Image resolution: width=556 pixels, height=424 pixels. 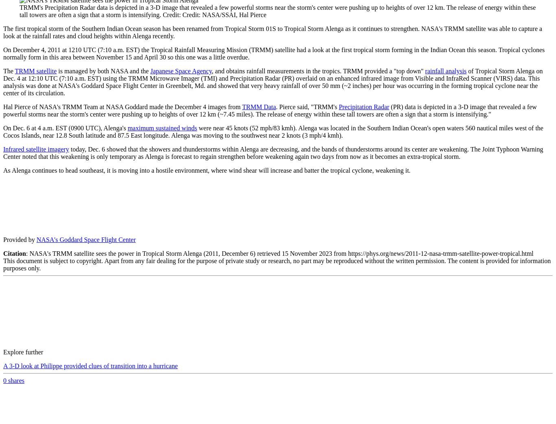 What do you see at coordinates (6, 380) in the screenshot?
I see `'shares'` at bounding box center [6, 380].